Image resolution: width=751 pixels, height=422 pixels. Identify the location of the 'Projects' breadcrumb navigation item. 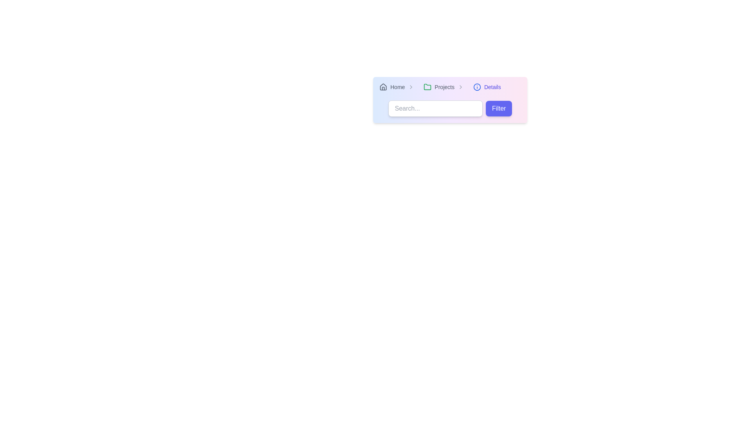
(445, 87).